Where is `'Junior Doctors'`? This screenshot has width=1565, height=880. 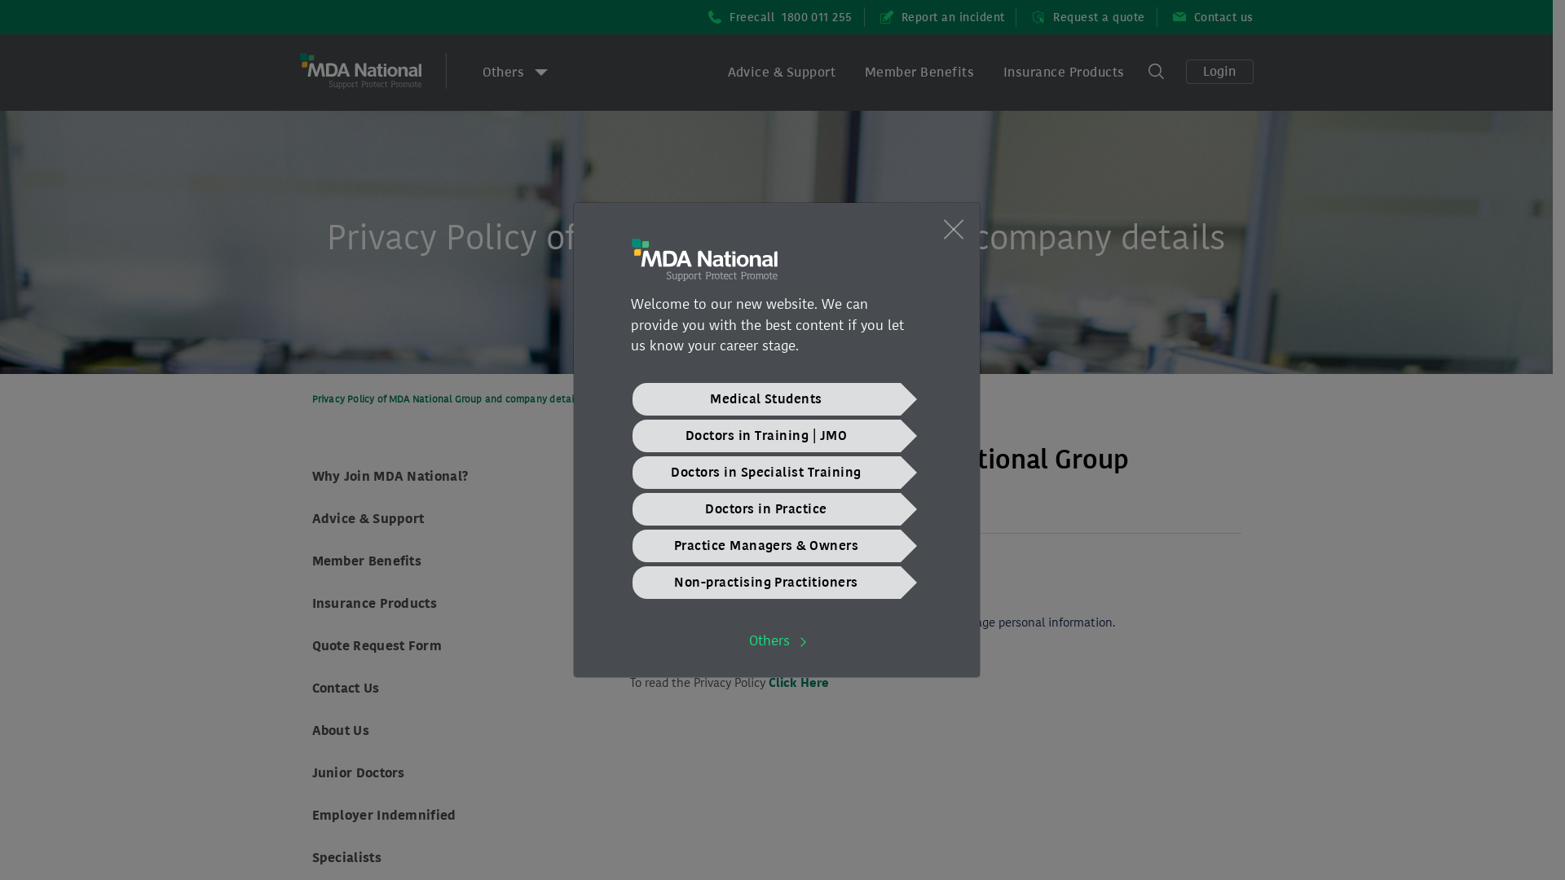 'Junior Doctors' is located at coordinates (356, 772).